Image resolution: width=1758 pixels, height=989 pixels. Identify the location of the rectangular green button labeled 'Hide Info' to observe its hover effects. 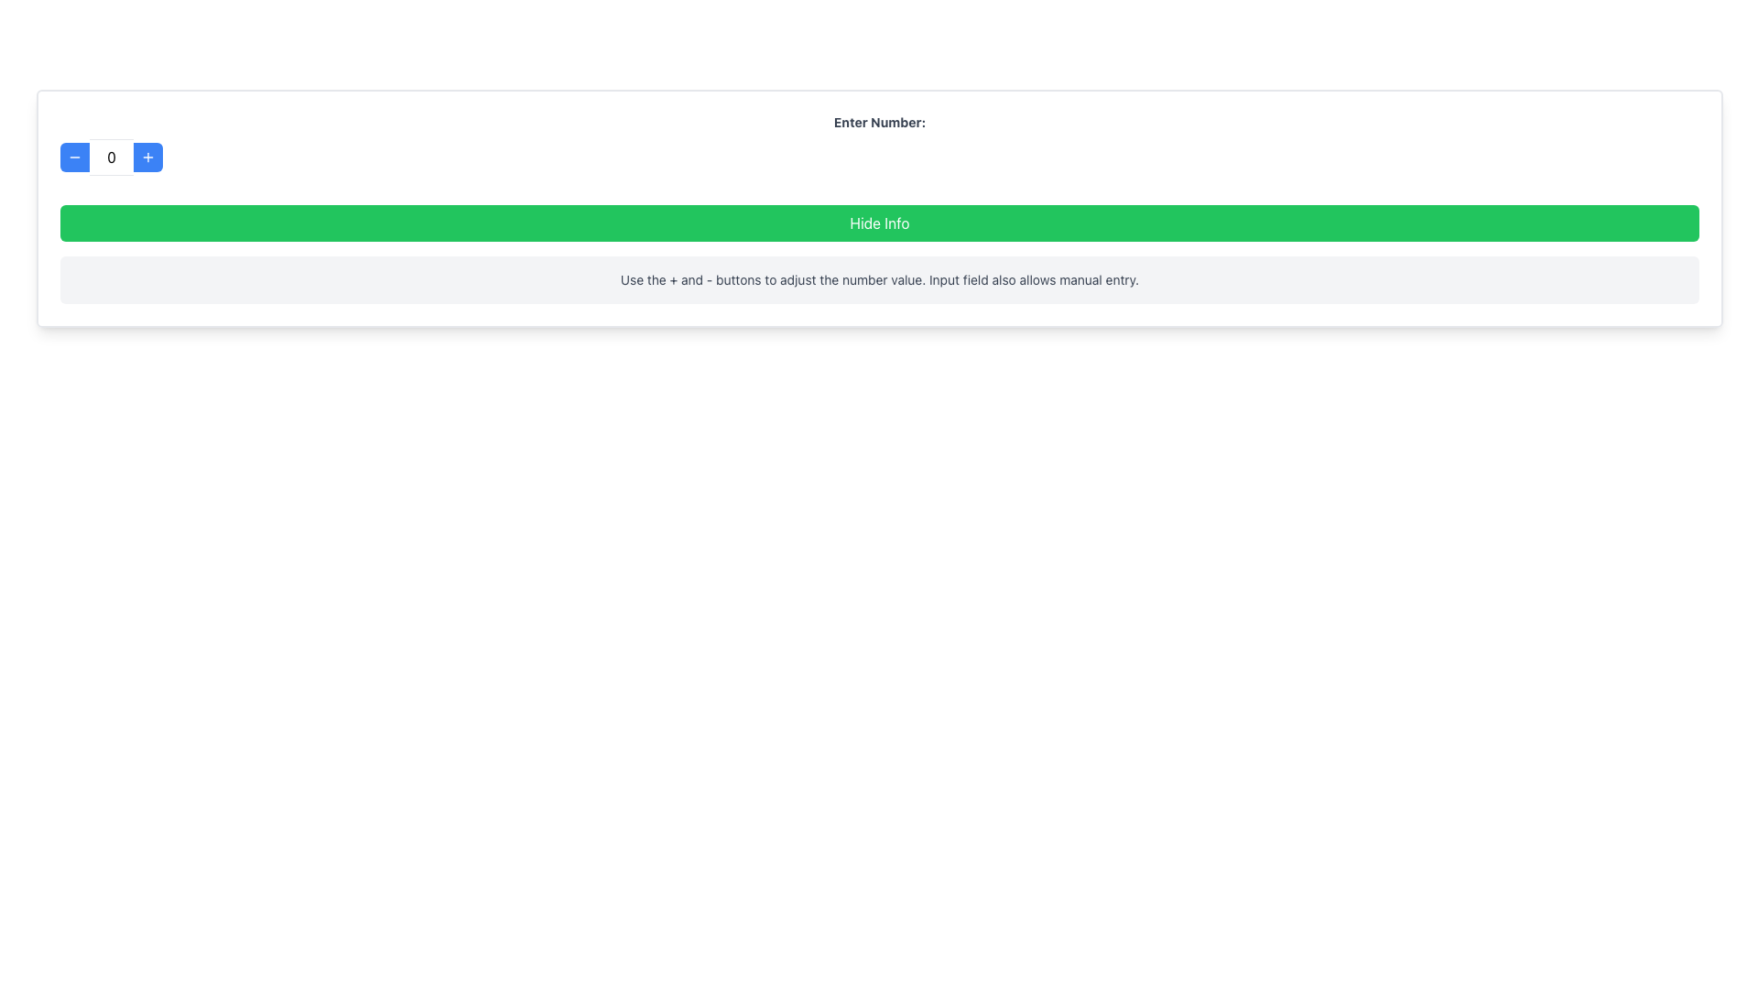
(879, 222).